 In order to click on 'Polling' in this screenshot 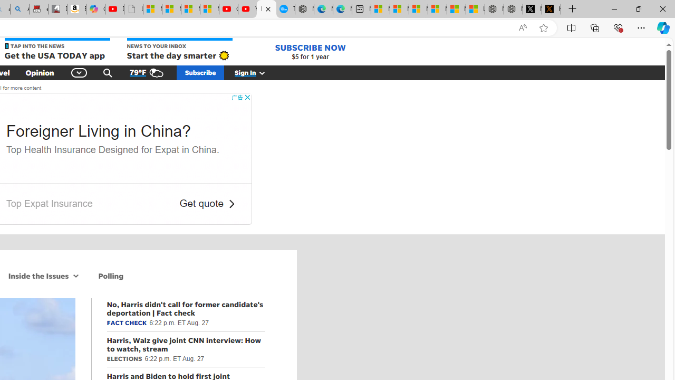, I will do `click(111, 275)`.